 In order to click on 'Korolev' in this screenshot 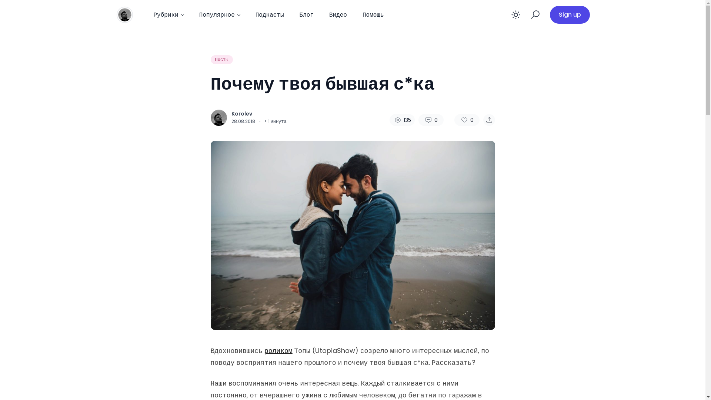, I will do `click(231, 114)`.